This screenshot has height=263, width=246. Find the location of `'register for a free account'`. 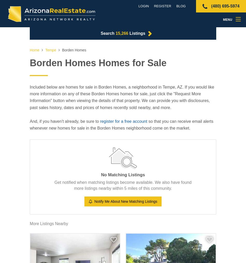

'register for a free account' is located at coordinates (123, 121).